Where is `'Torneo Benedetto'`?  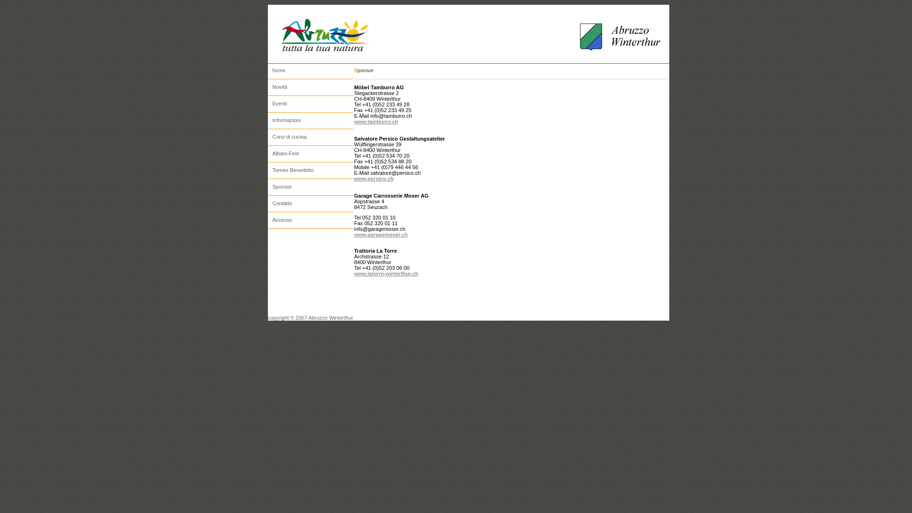
'Torneo Benedetto' is located at coordinates (267, 171).